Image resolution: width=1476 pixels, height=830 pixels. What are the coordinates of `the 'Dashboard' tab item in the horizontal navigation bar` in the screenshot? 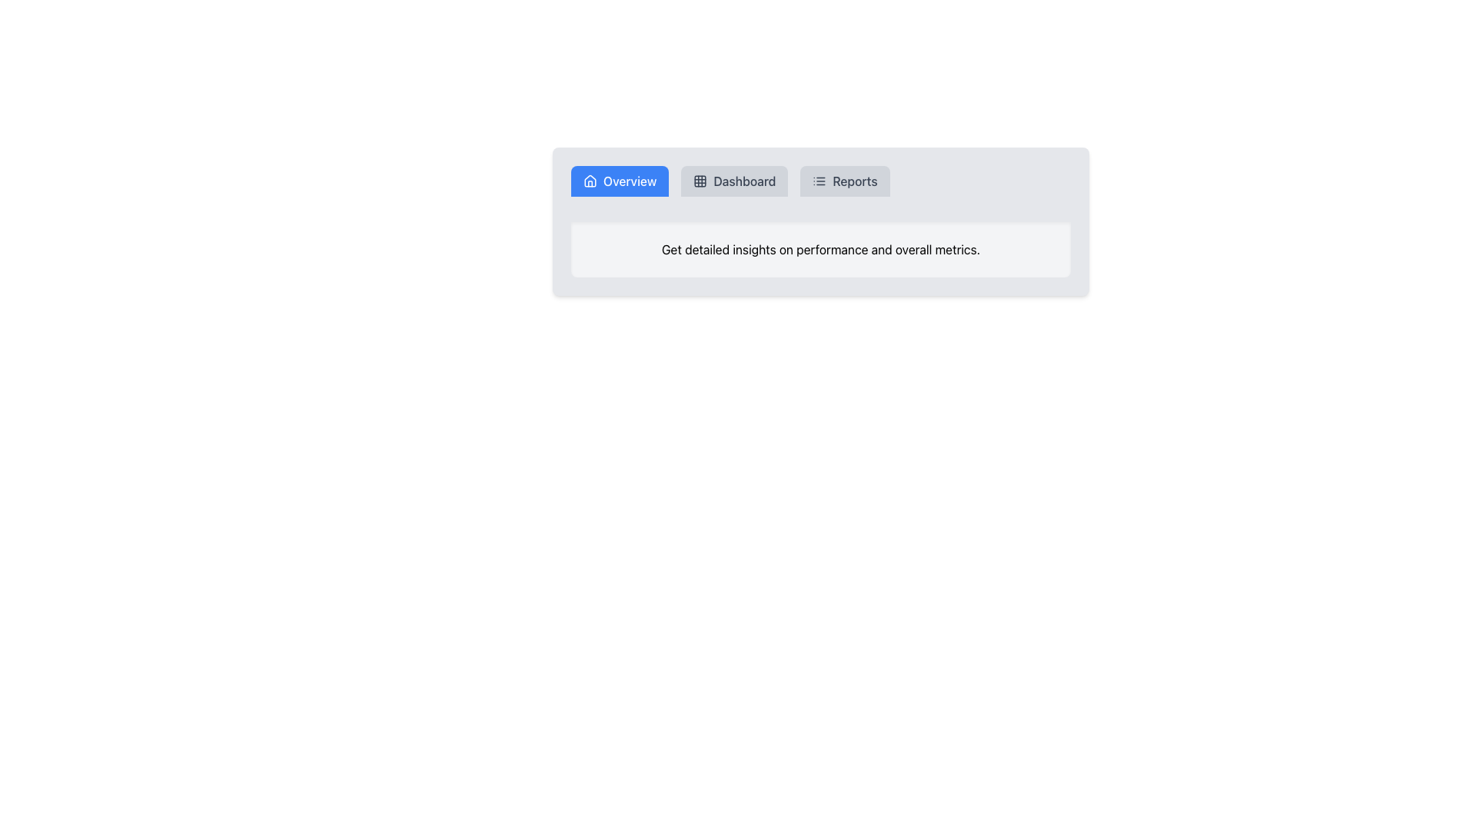 It's located at (733, 180).